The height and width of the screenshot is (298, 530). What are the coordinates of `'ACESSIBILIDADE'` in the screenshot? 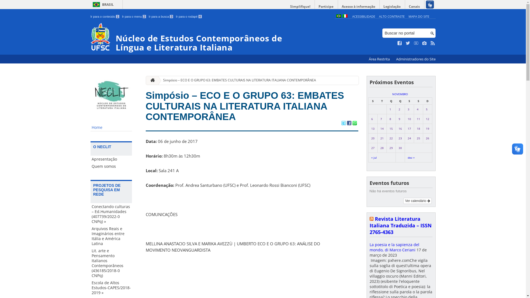 It's located at (364, 16).